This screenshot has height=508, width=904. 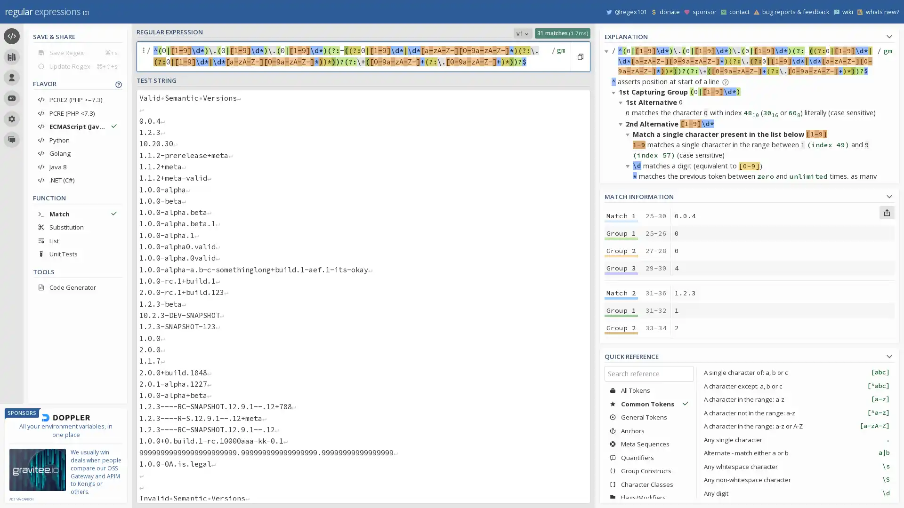 What do you see at coordinates (622, 240) in the screenshot?
I see `Collapse Subtree` at bounding box center [622, 240].